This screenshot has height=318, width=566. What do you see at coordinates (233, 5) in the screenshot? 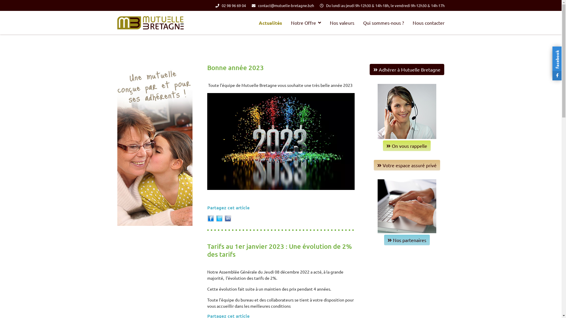
I see `'02 98 96 69 04'` at bounding box center [233, 5].